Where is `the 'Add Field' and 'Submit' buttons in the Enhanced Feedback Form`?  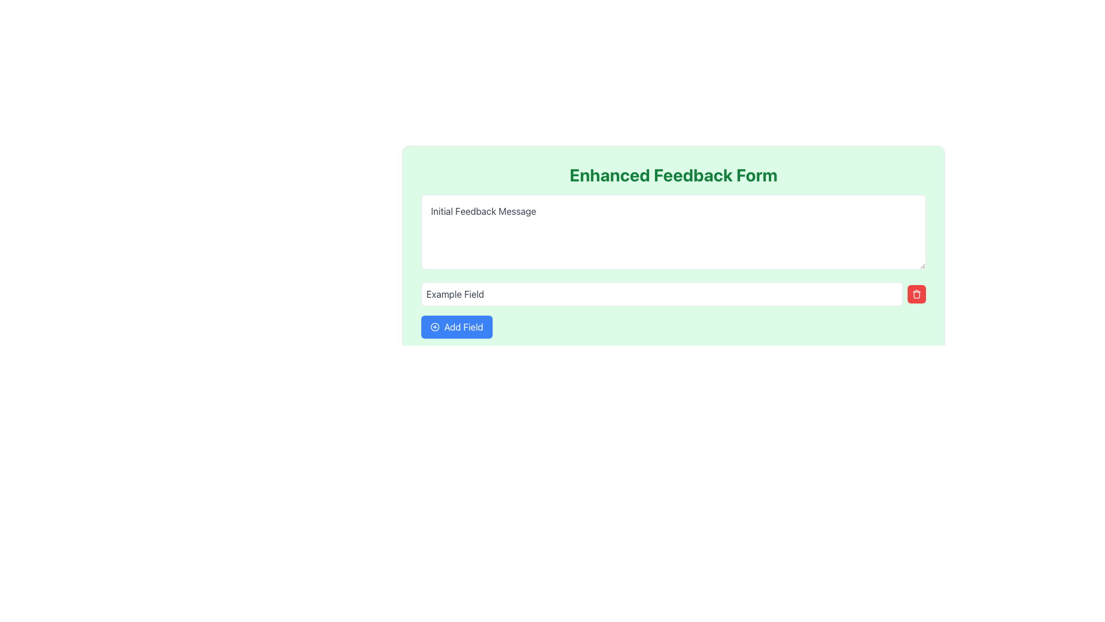
the 'Add Field' and 'Submit' buttons in the Enhanced Feedback Form is located at coordinates (673, 272).